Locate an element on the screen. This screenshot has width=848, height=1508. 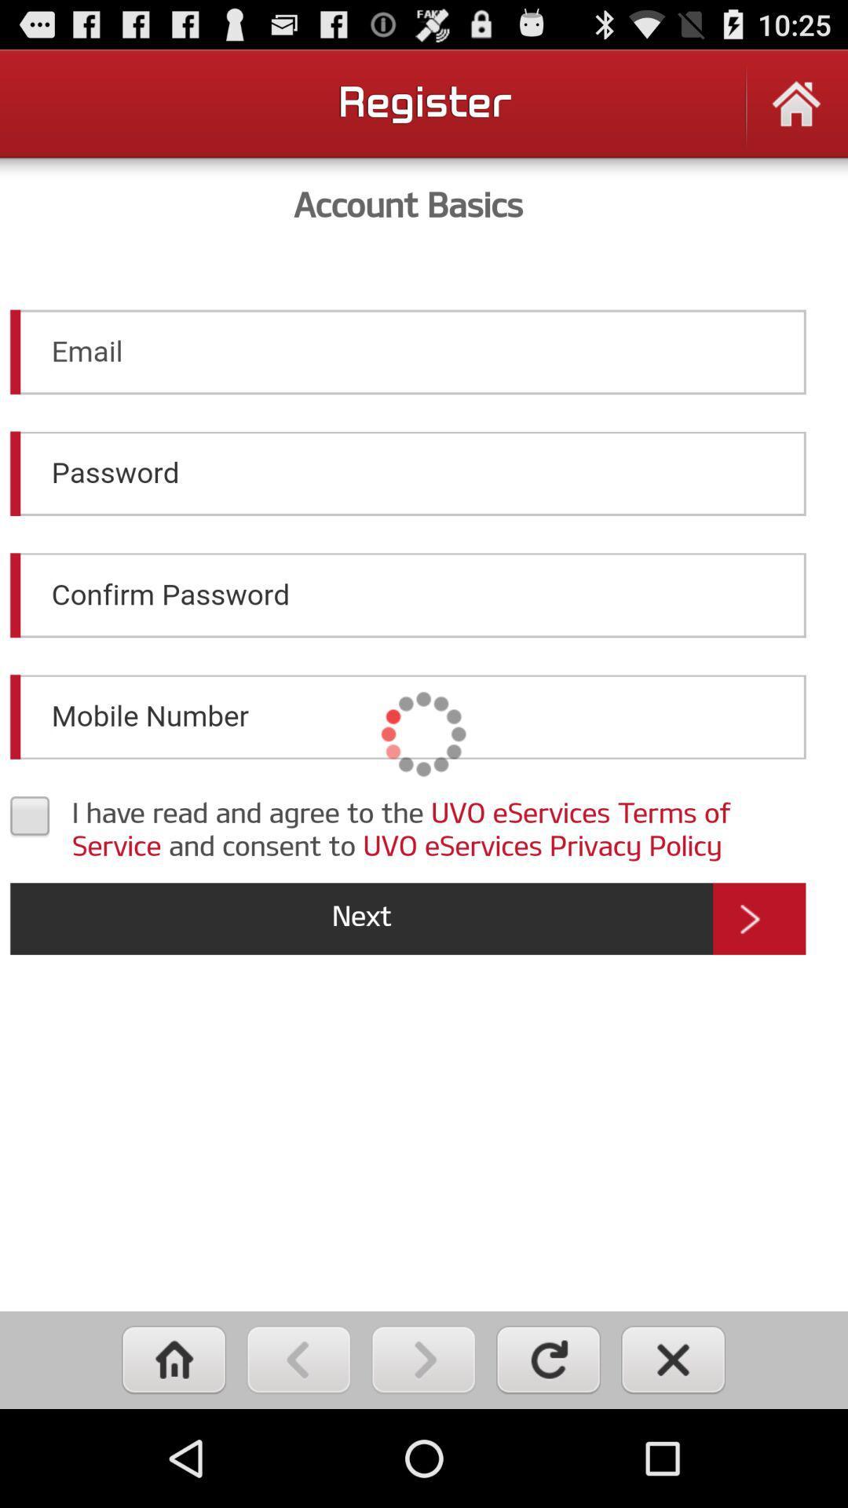
forward button on phone browser is located at coordinates (422, 1359).